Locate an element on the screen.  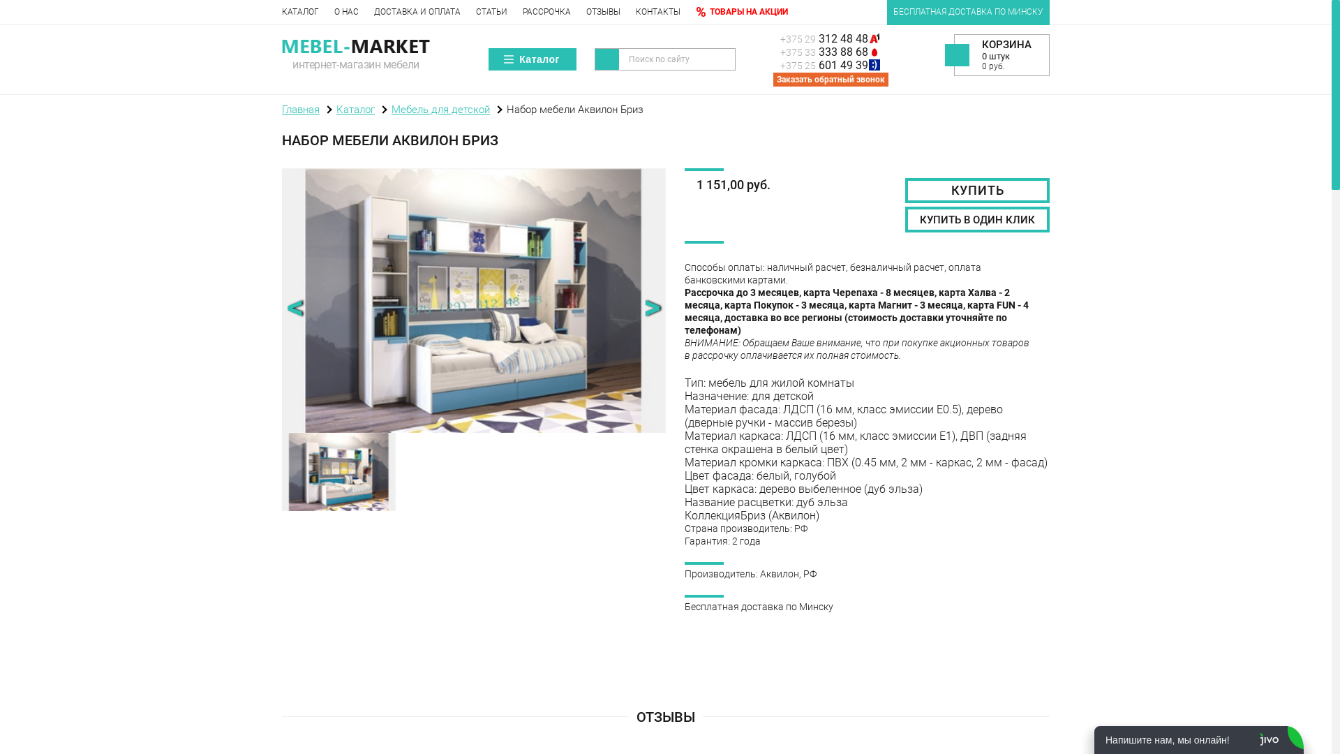
'+375 25601 49 39' is located at coordinates (837, 65).